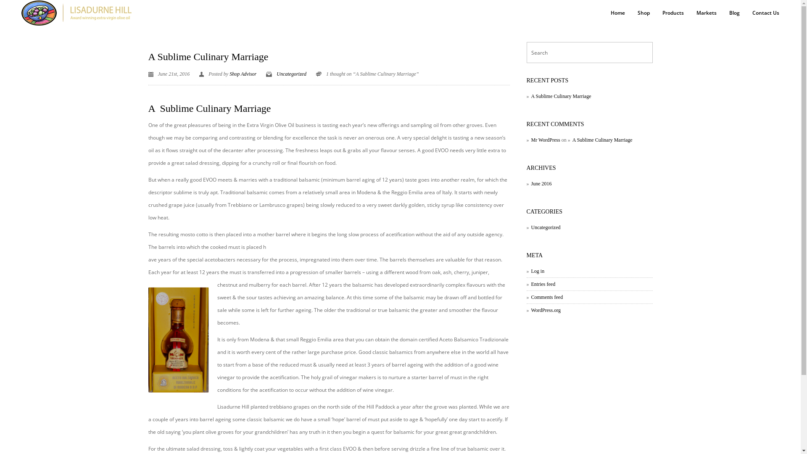  Describe the element at coordinates (543, 310) in the screenshot. I see `'WordPress.org'` at that location.